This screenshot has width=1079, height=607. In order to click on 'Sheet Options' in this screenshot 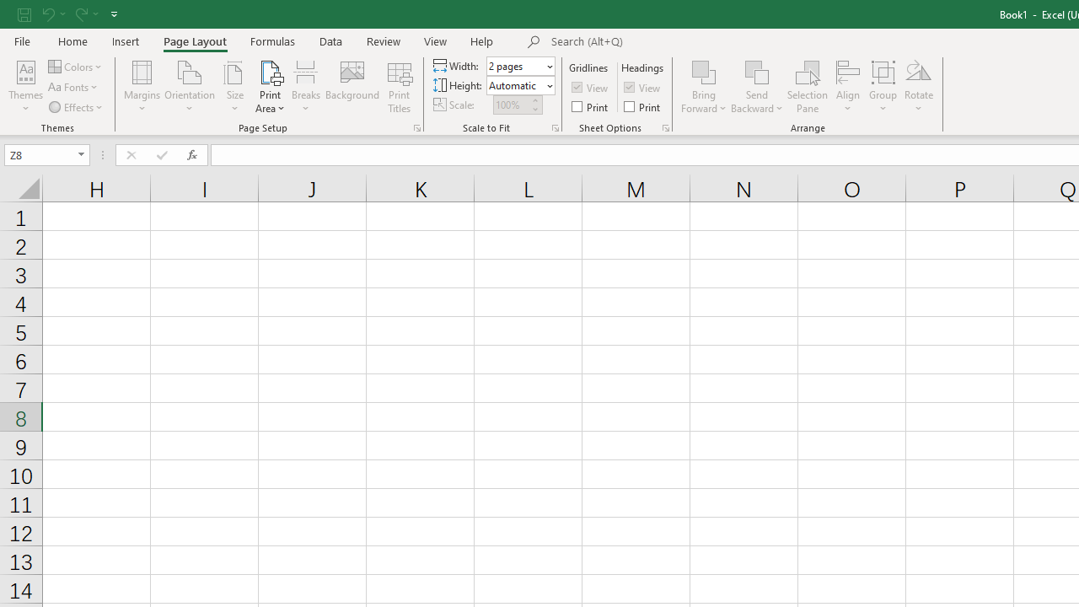, I will do `click(664, 126)`.